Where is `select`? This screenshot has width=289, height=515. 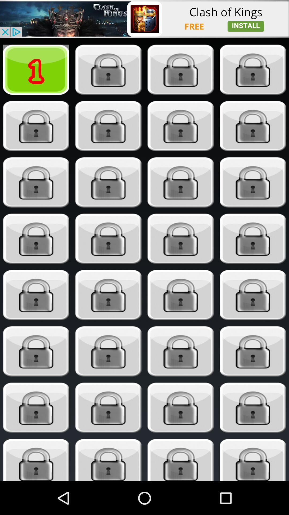 select is located at coordinates (253, 126).